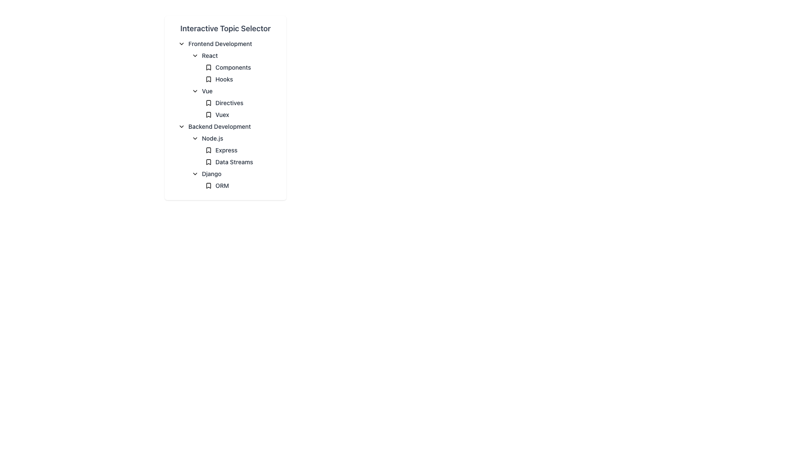 The width and height of the screenshot is (811, 456). I want to click on the 'Data Streams' text label with a bookmark icon located in the 'Backend Development' section under 'Node.js', positioned below 'Express', so click(242, 162).